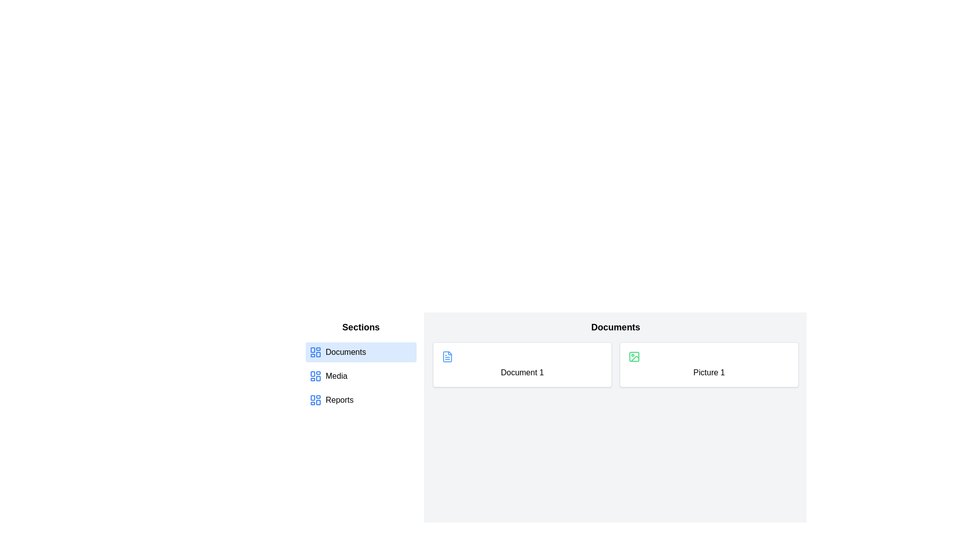 The height and width of the screenshot is (539, 959). I want to click on the blue icon element in the sidebar menu, so click(315, 376).